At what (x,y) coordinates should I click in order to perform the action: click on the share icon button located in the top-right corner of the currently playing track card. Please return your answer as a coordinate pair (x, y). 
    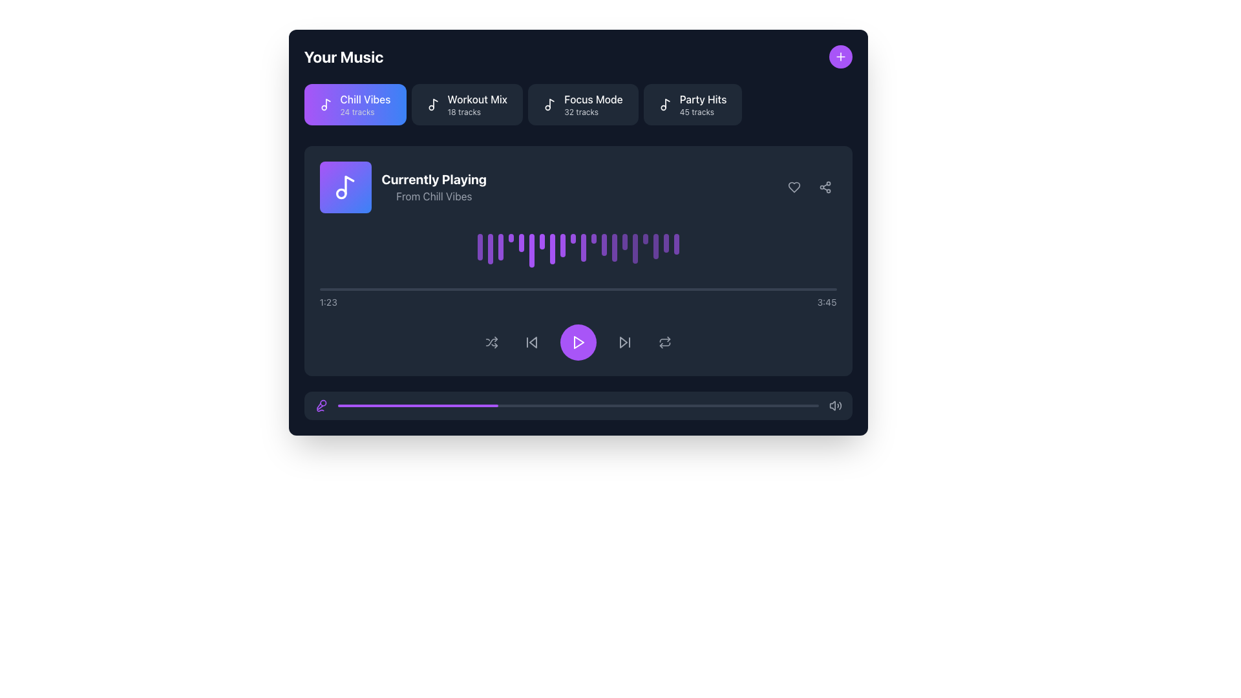
    Looking at the image, I should click on (824, 187).